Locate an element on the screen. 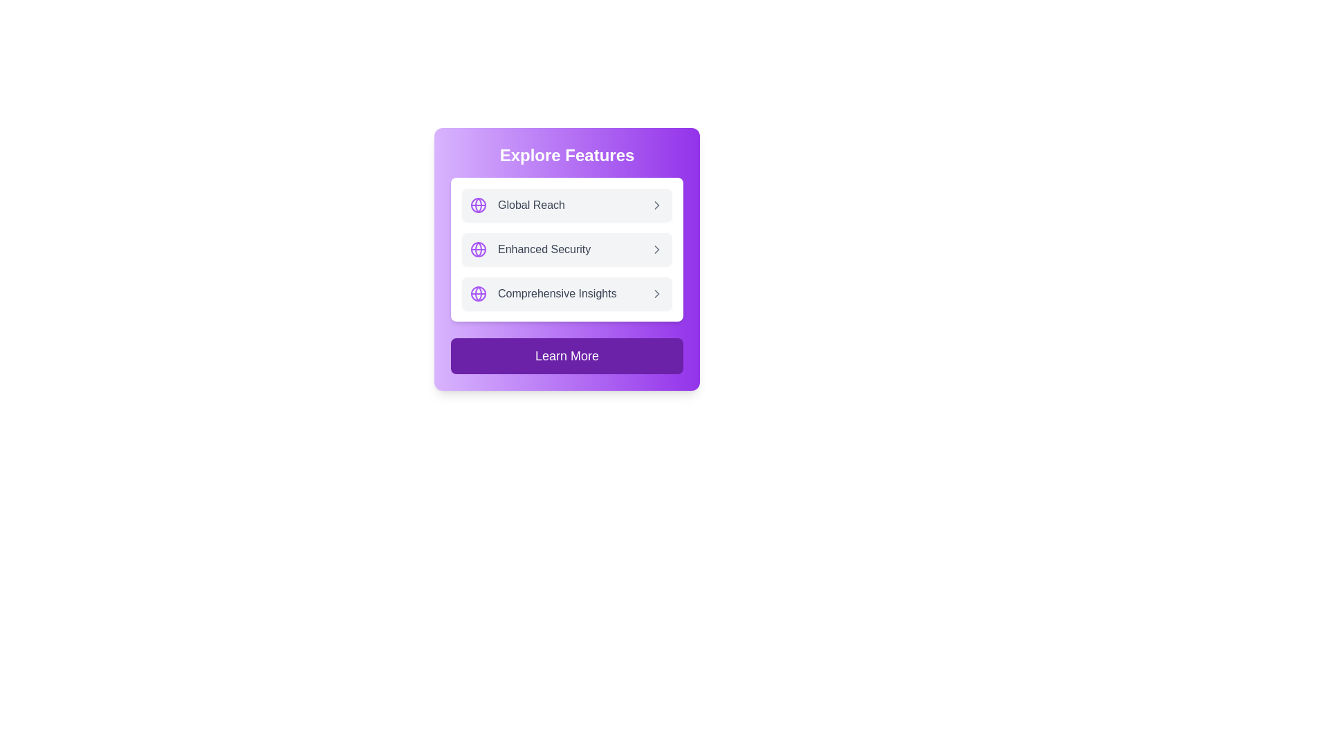  the right-facing chevron icon located at the far-right side of the 'Enhanced Security' row is located at coordinates (656, 250).